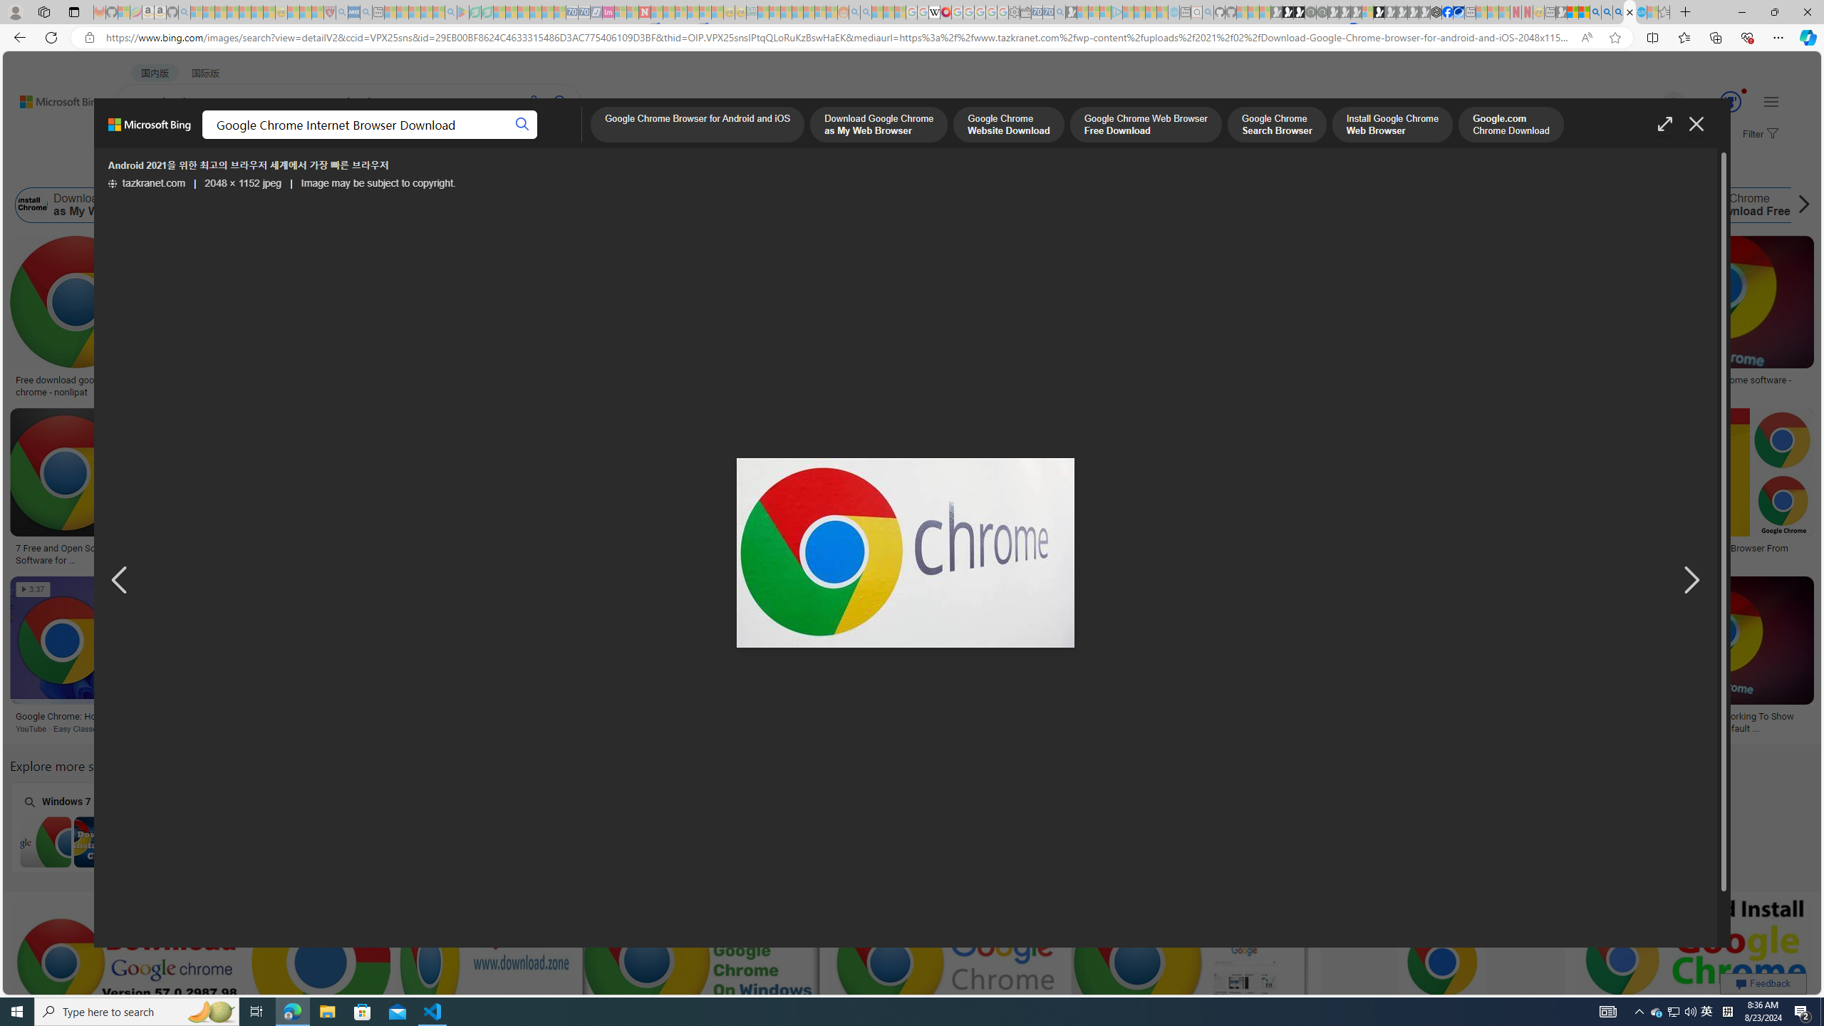  Describe the element at coordinates (1731, 100) in the screenshot. I see `'AutomationID: serp_medal_svg'` at that location.